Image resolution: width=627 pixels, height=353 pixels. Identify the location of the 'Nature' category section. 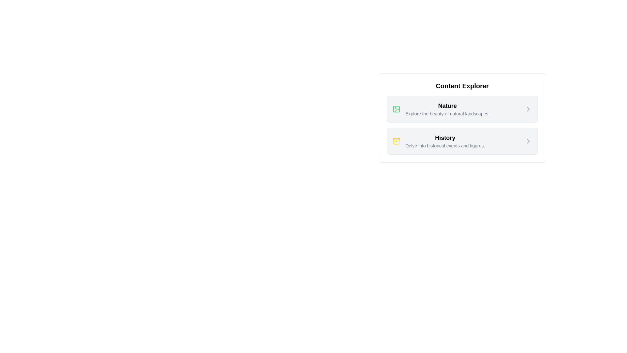
(441, 109).